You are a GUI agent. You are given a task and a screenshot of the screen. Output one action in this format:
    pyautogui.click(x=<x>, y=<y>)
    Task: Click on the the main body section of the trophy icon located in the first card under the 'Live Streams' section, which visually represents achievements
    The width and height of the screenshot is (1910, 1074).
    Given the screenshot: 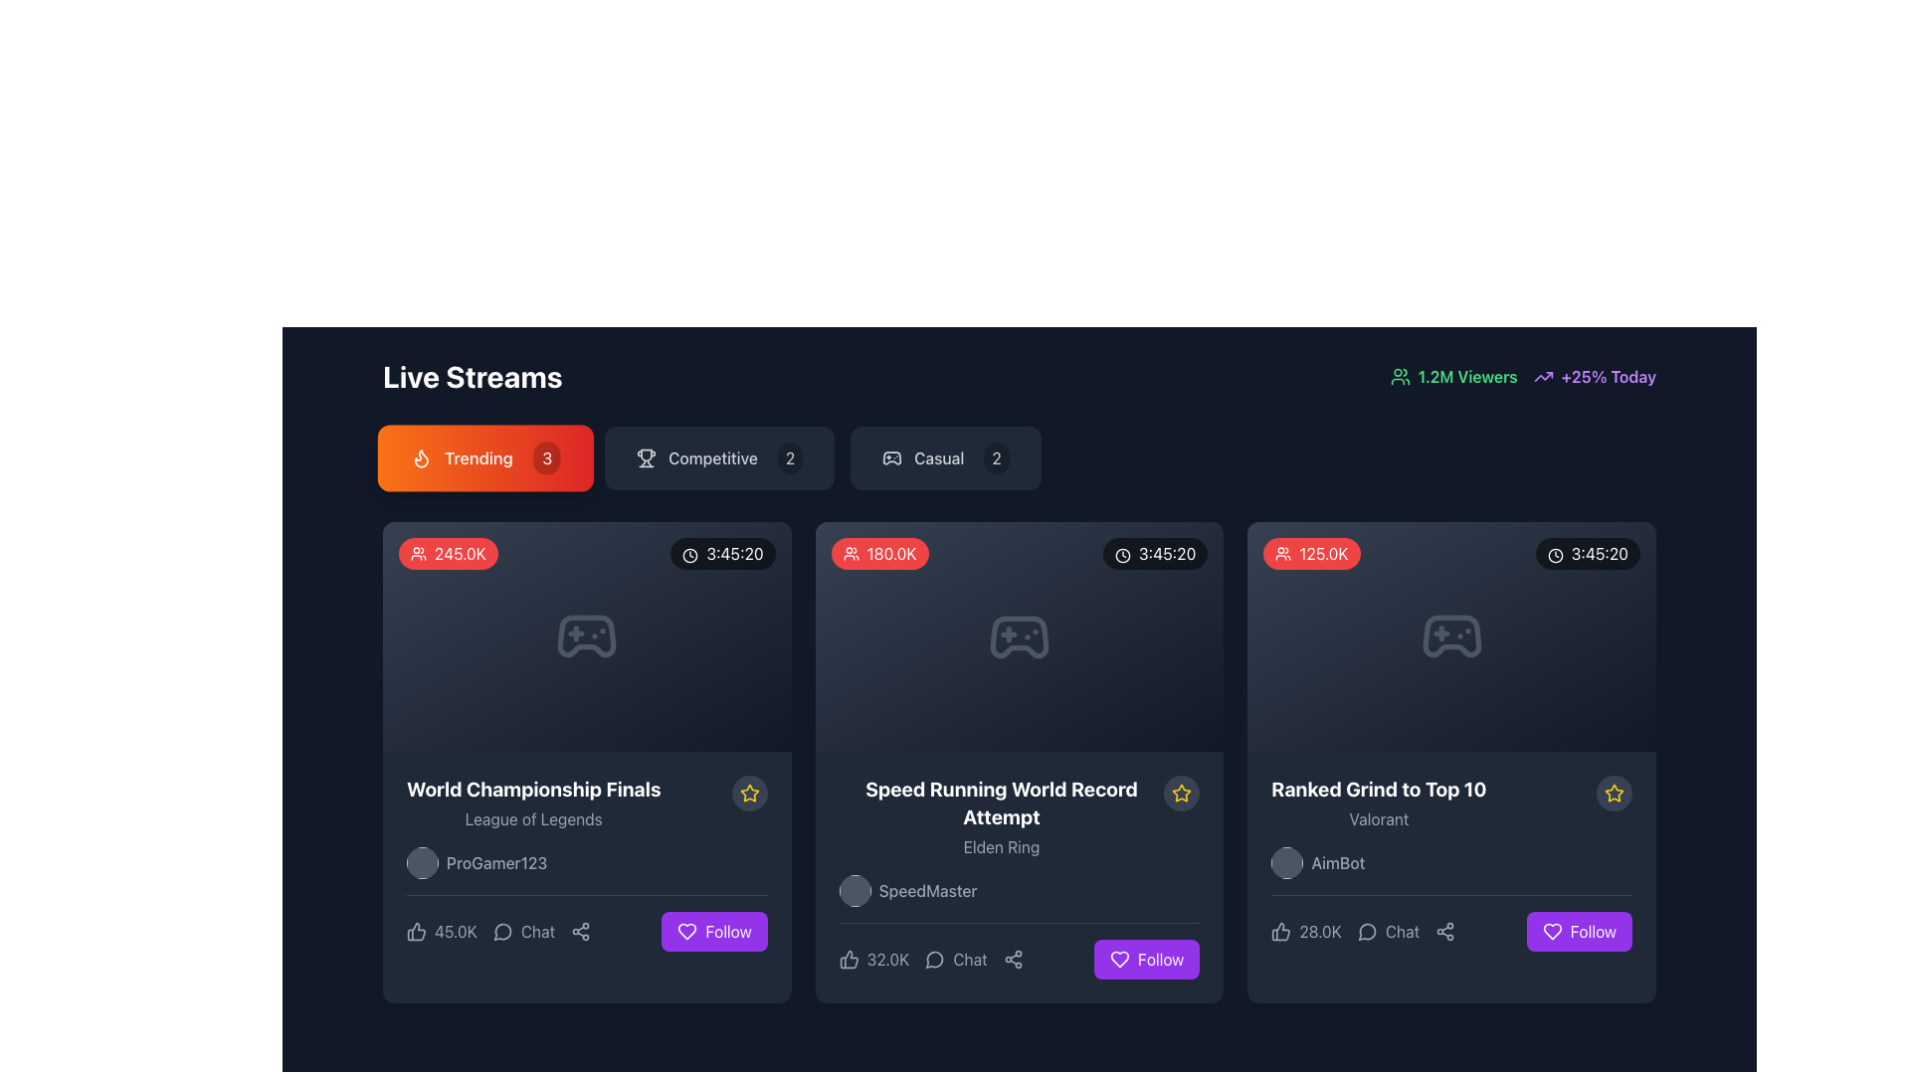 What is the action you would take?
    pyautogui.click(x=647, y=455)
    